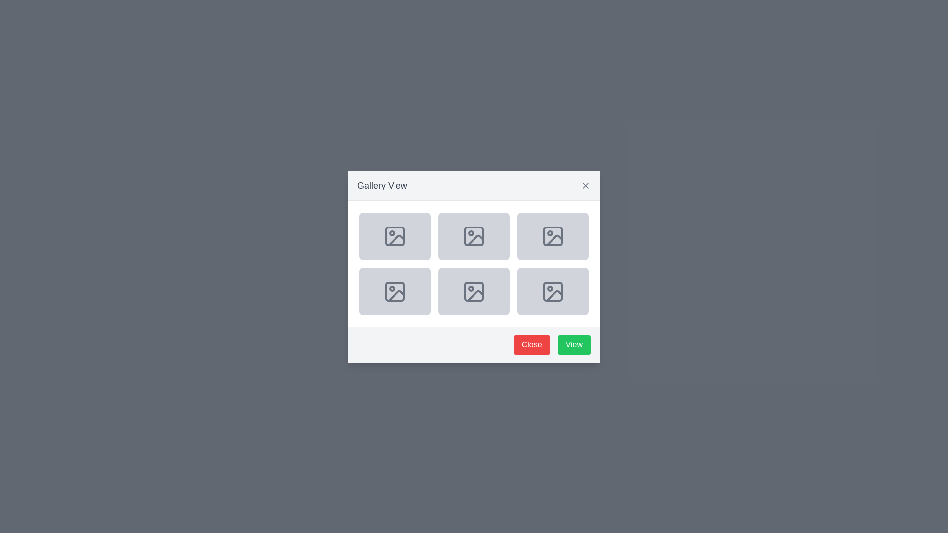 The image size is (948, 533). I want to click on the Image Placeholder, a rectangular button-like component with a gray background and a photo icon, located in the bottom-right corner of the grid layout, so click(552, 291).